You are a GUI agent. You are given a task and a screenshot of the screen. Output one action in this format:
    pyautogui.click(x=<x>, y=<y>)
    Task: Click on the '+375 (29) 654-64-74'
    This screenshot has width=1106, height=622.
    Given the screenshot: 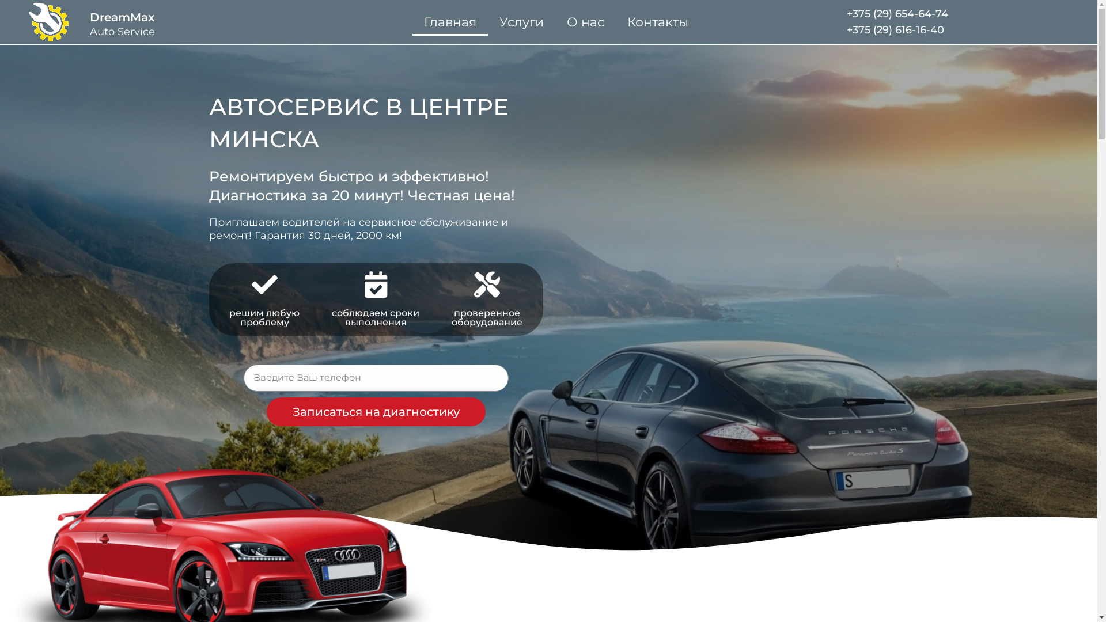 What is the action you would take?
    pyautogui.click(x=897, y=13)
    